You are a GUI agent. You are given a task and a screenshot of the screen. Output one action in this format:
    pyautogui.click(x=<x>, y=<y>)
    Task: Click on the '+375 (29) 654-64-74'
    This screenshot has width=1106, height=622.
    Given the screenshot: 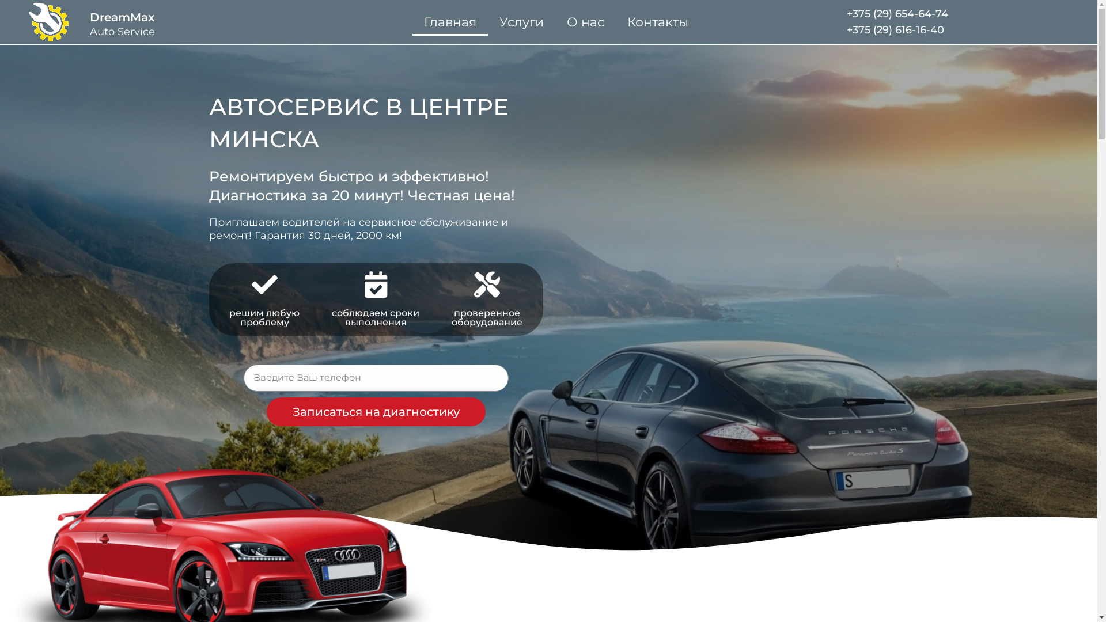 What is the action you would take?
    pyautogui.click(x=897, y=13)
    